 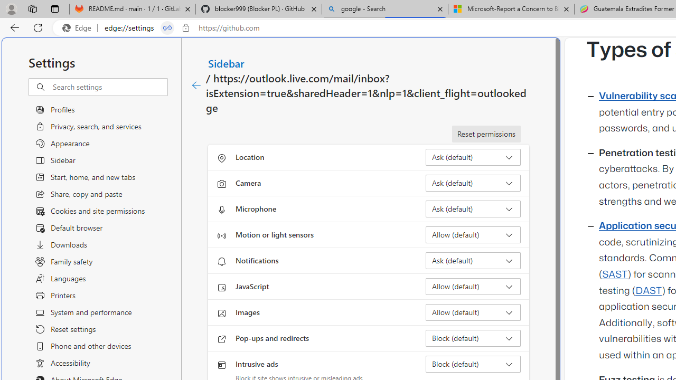 What do you see at coordinates (473, 234) in the screenshot?
I see `'Motion or light sensors Allow (default)'` at bounding box center [473, 234].